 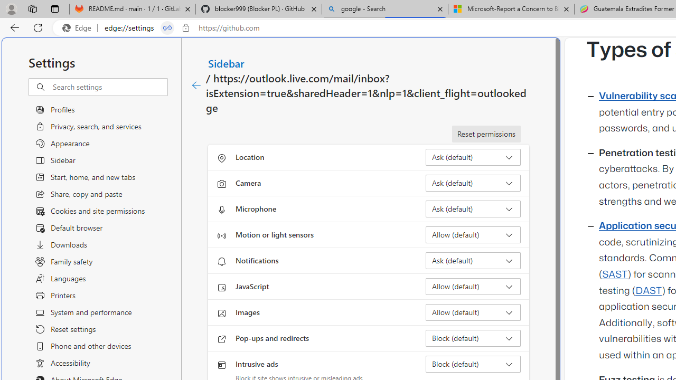 What do you see at coordinates (473, 234) in the screenshot?
I see `'Motion or light sensors Allow (default)'` at bounding box center [473, 234].